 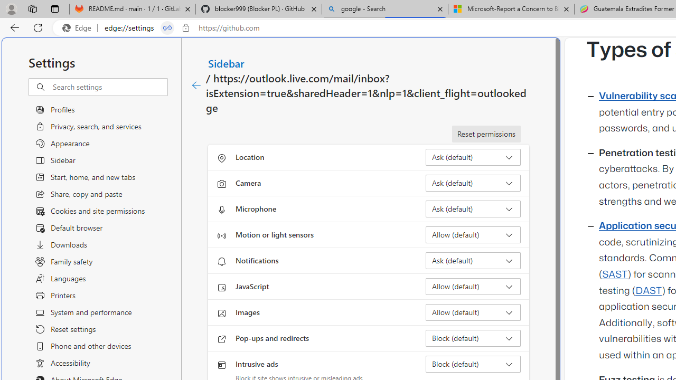 What do you see at coordinates (473, 234) in the screenshot?
I see `'Motion or light sensors Allow (default)'` at bounding box center [473, 234].